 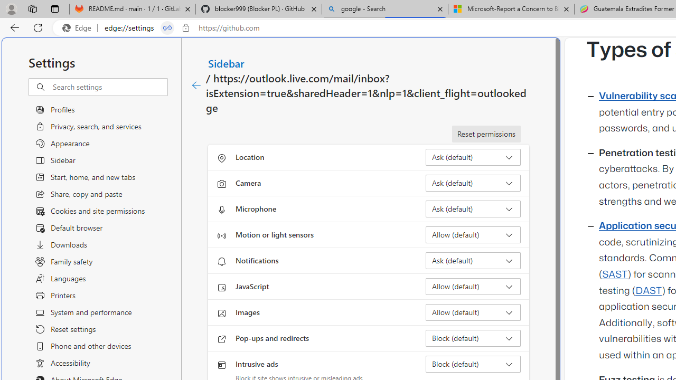 What do you see at coordinates (473, 234) in the screenshot?
I see `'Motion or light sensors Allow (default)'` at bounding box center [473, 234].